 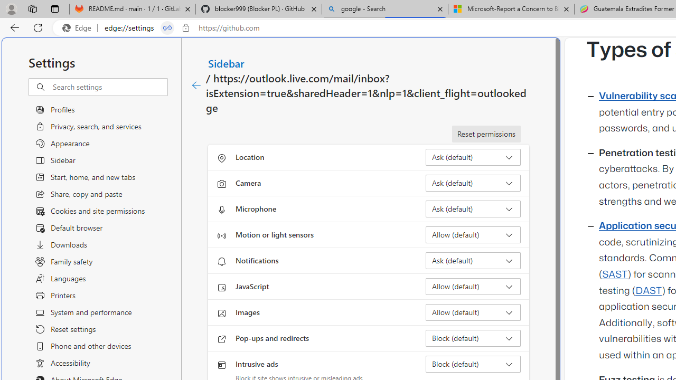 What do you see at coordinates (473, 234) in the screenshot?
I see `'Motion or light sensors Allow (default)'` at bounding box center [473, 234].